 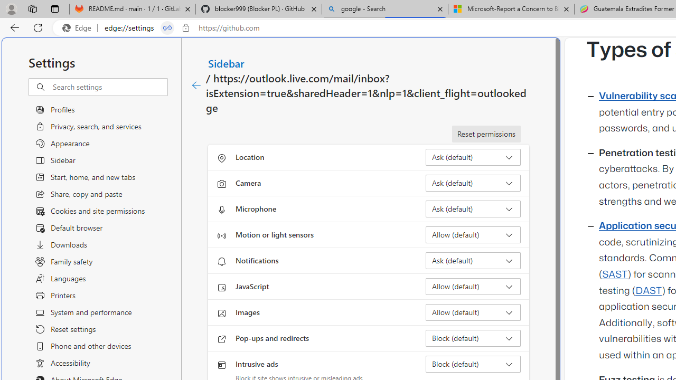 What do you see at coordinates (473, 234) in the screenshot?
I see `'Motion or light sensors Allow (default)'` at bounding box center [473, 234].